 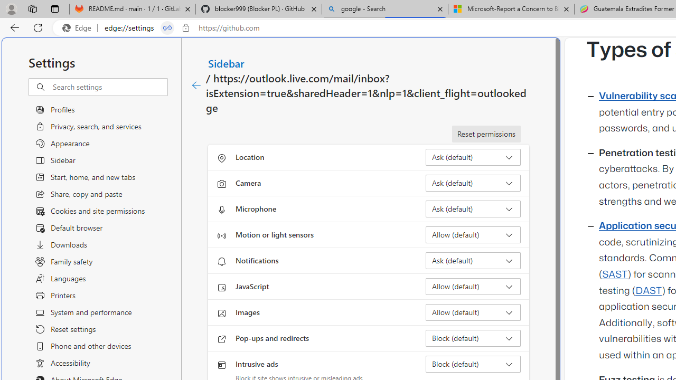 What do you see at coordinates (473, 234) in the screenshot?
I see `'Motion or light sensors Allow (default)'` at bounding box center [473, 234].